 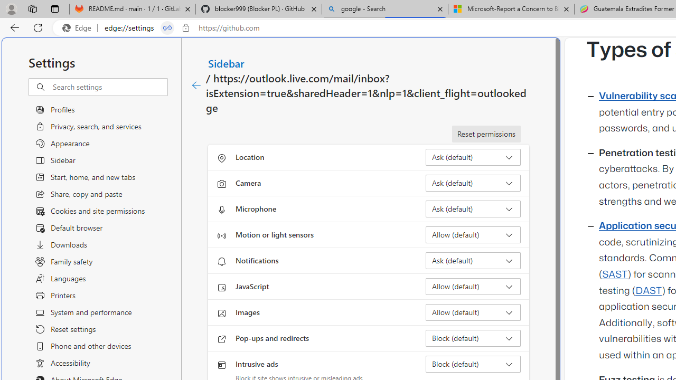 What do you see at coordinates (473, 234) in the screenshot?
I see `'Motion or light sensors Allow (default)'` at bounding box center [473, 234].